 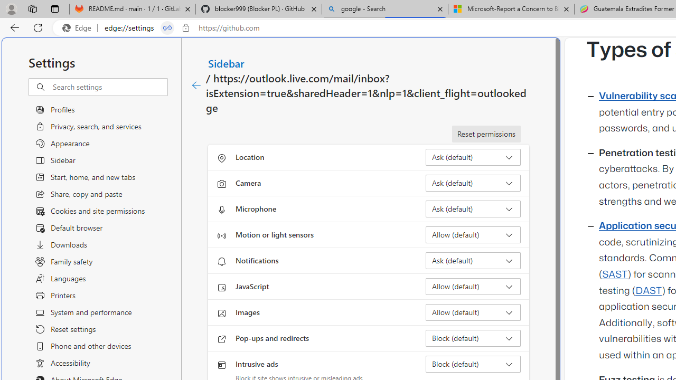 What do you see at coordinates (473, 234) in the screenshot?
I see `'Motion or light sensors Allow (default)'` at bounding box center [473, 234].